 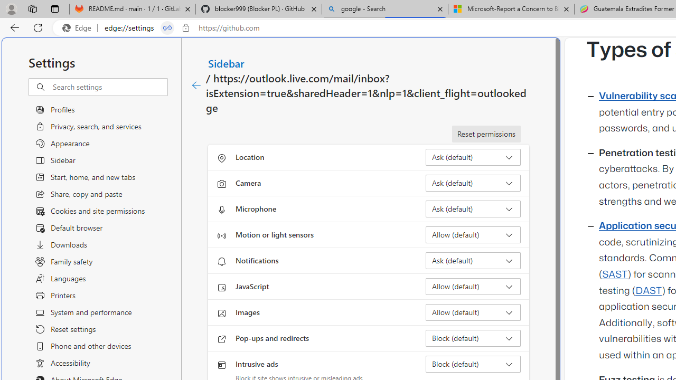 What do you see at coordinates (473, 234) in the screenshot?
I see `'Motion or light sensors Allow (default)'` at bounding box center [473, 234].